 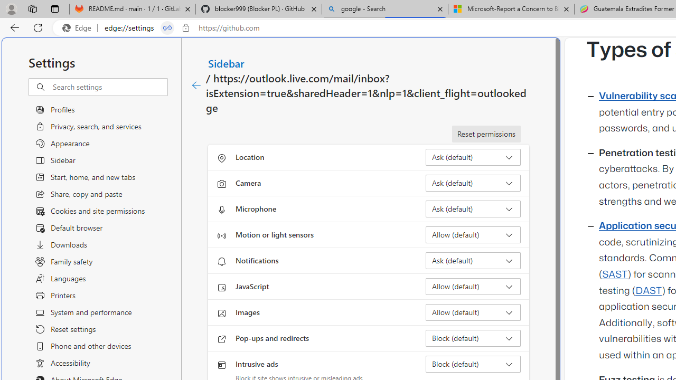 What do you see at coordinates (473, 234) in the screenshot?
I see `'Motion or light sensors Allow (default)'` at bounding box center [473, 234].